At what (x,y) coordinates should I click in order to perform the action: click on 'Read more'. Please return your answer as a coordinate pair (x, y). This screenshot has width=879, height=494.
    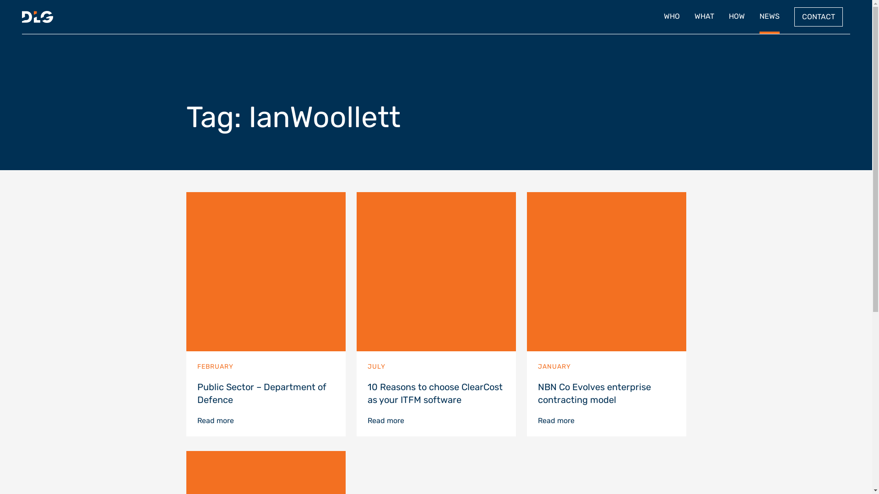
    Looking at the image, I should click on (555, 420).